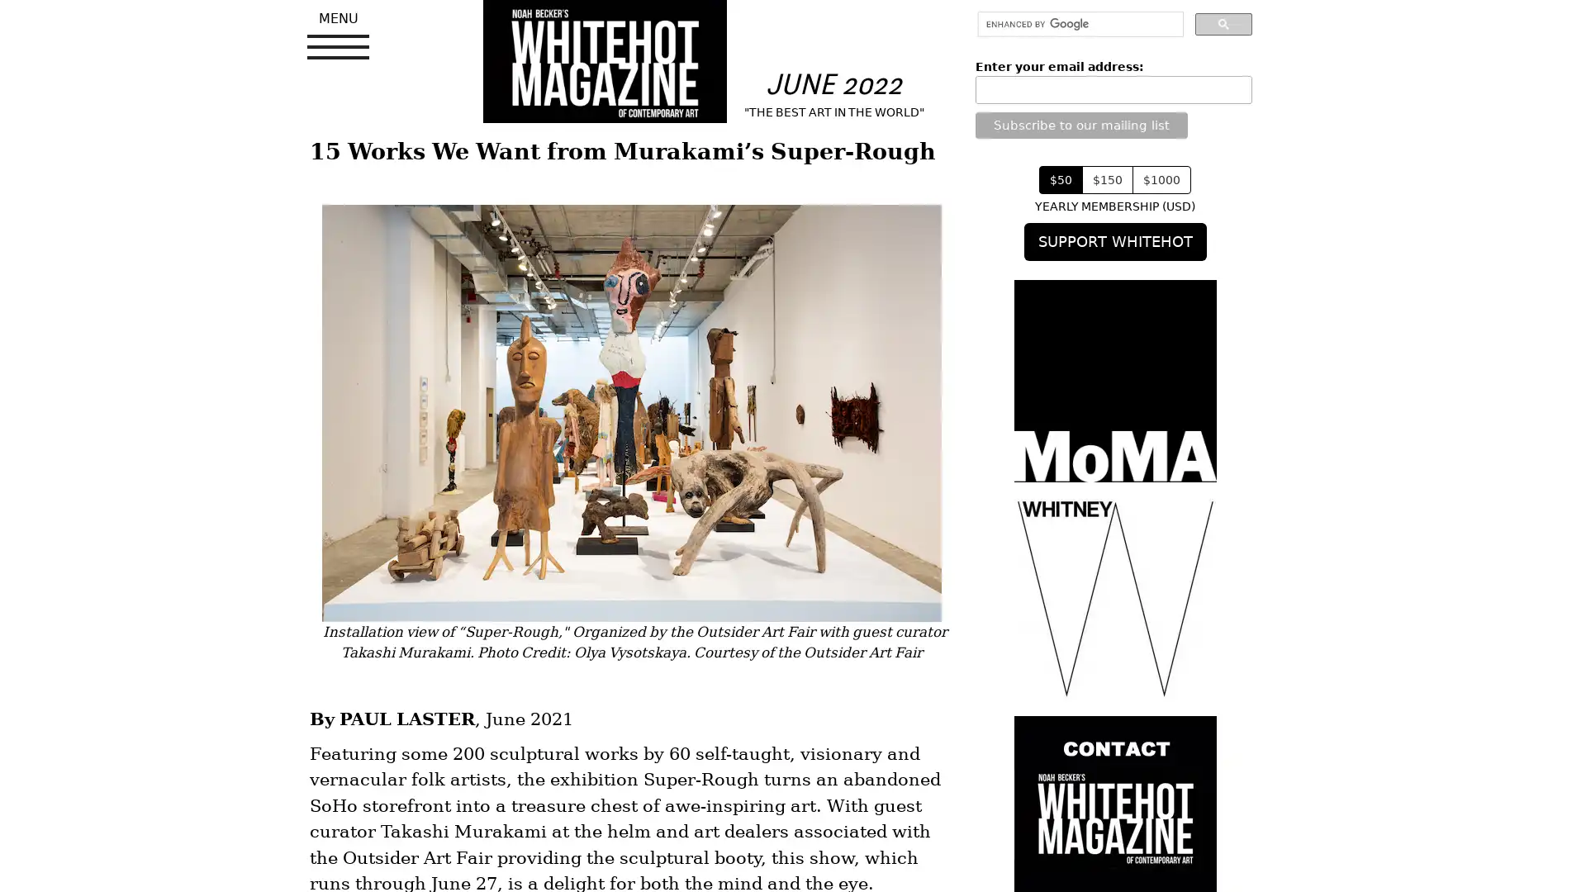  I want to click on Subscribe to our mailing list, so click(1080, 123).